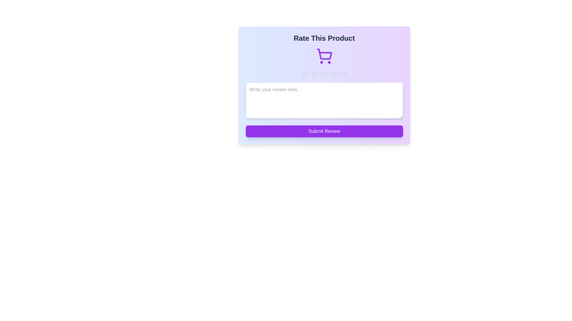 Image resolution: width=572 pixels, height=321 pixels. I want to click on the shopping cart icon, so click(324, 56).